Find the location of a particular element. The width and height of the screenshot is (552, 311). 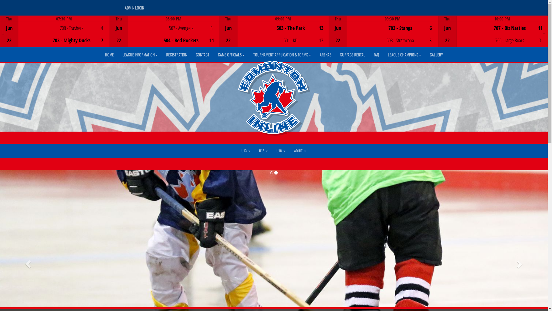

'GAME OFFICIALS' is located at coordinates (213, 54).